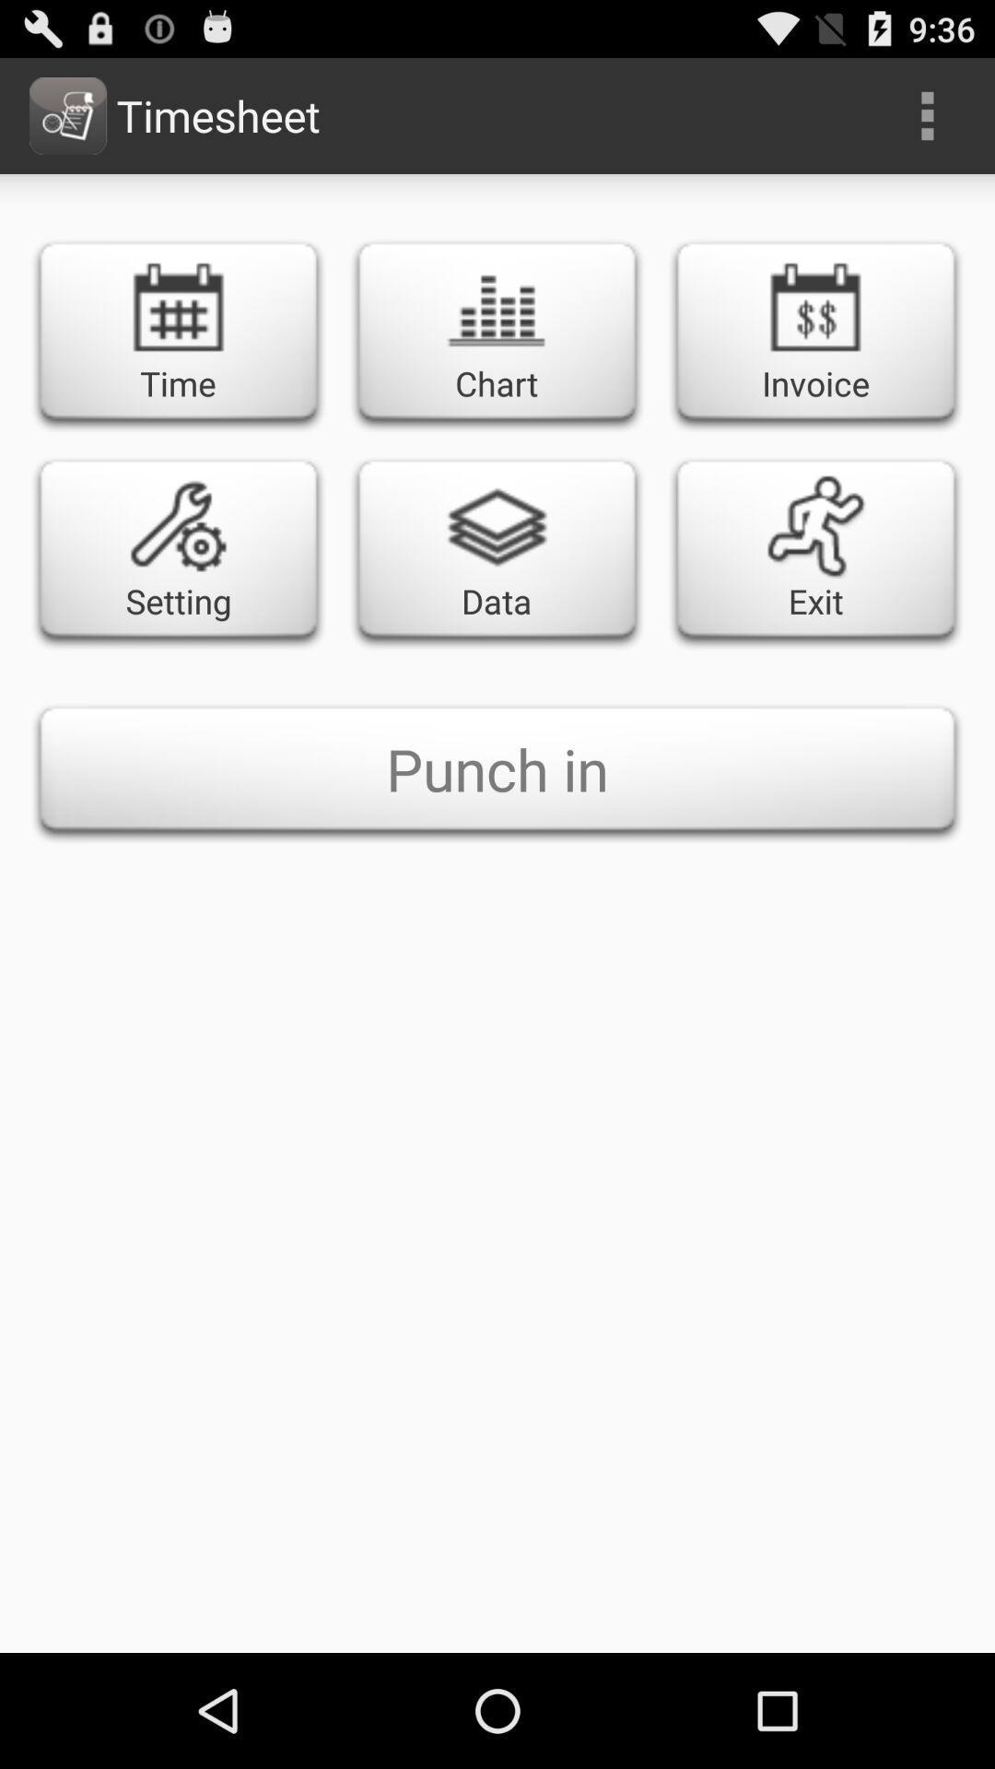 This screenshot has width=995, height=1769. Describe the element at coordinates (927, 114) in the screenshot. I see `app next to timesheet` at that location.